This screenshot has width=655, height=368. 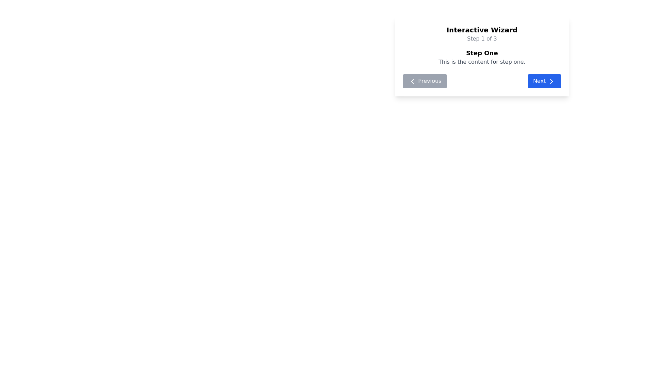 I want to click on the text element reading 'Step 1 of 3', which is styled with a gray font color and is centrally aligned beneath the header 'Interactive Wizard', so click(x=481, y=39).